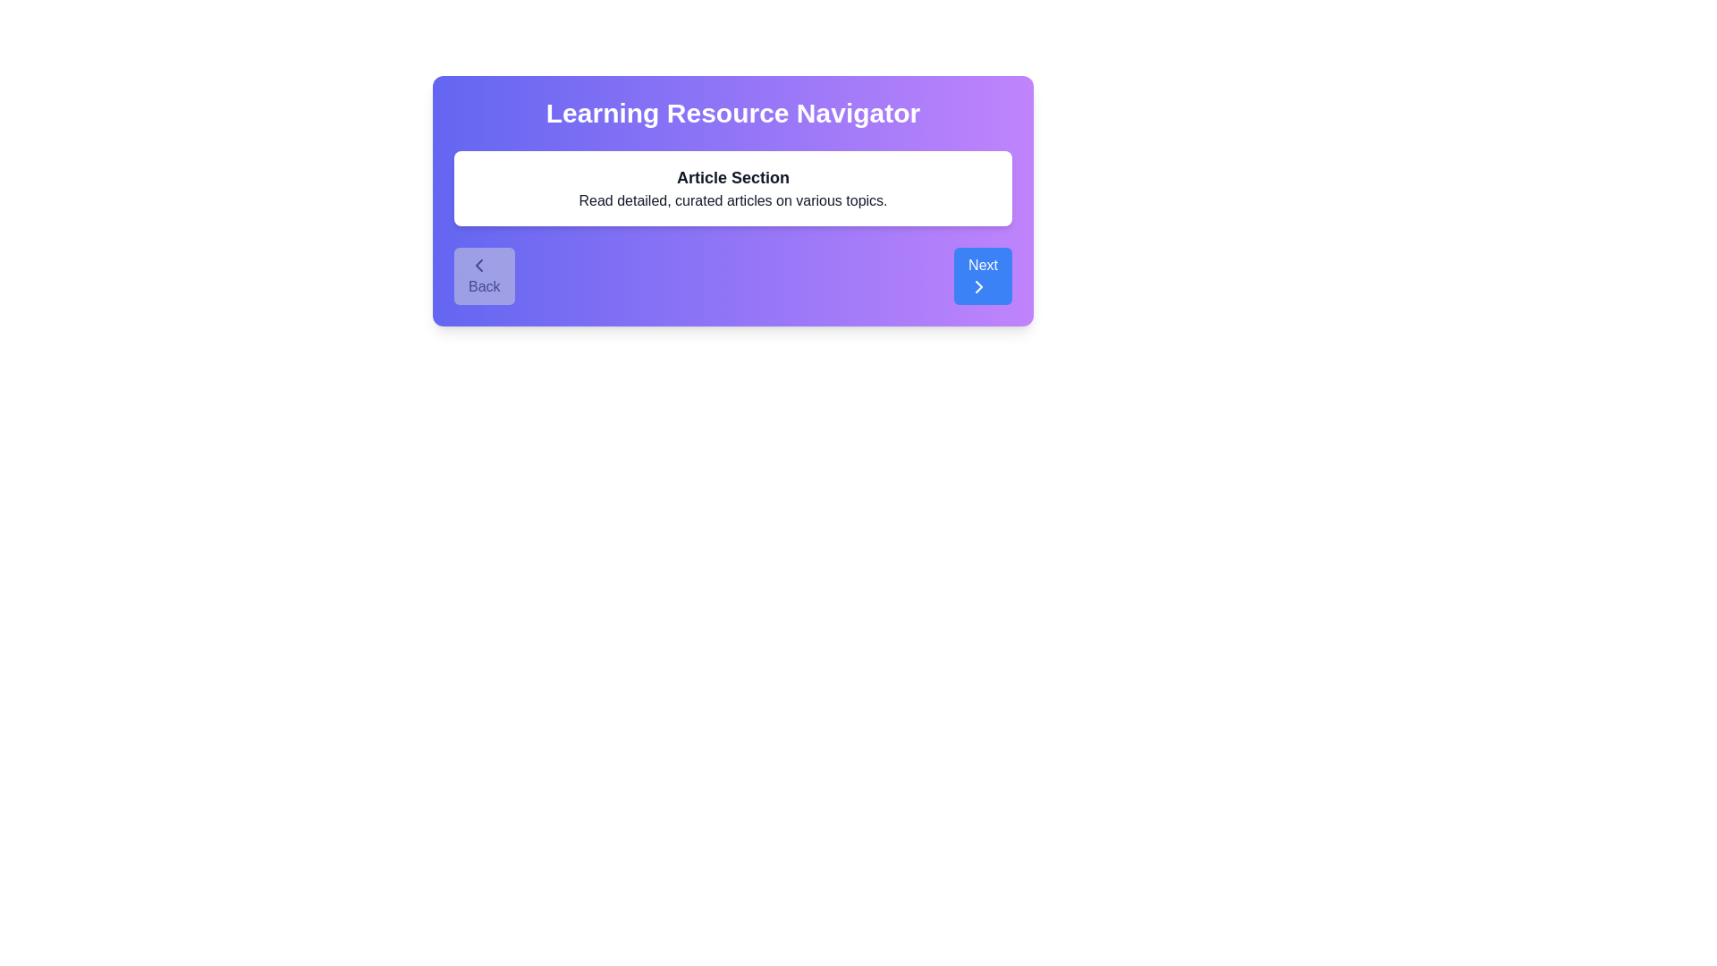  I want to click on the Back button to navigate between resources, so click(484, 275).